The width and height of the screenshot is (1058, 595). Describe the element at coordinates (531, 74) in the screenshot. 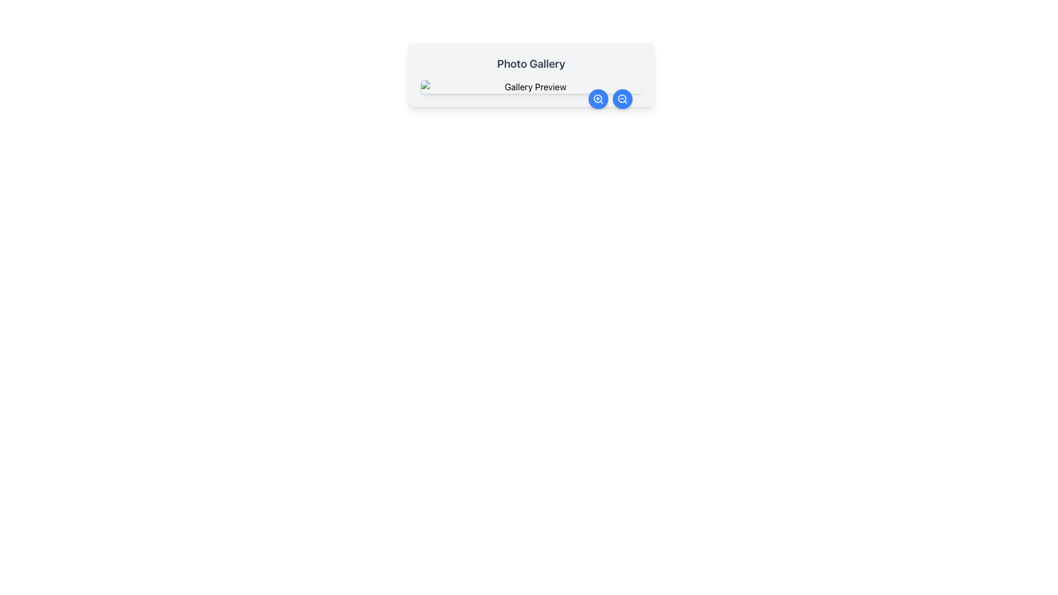

I see `the 'Photo Gallery' header element to focus on the gallery content` at that location.